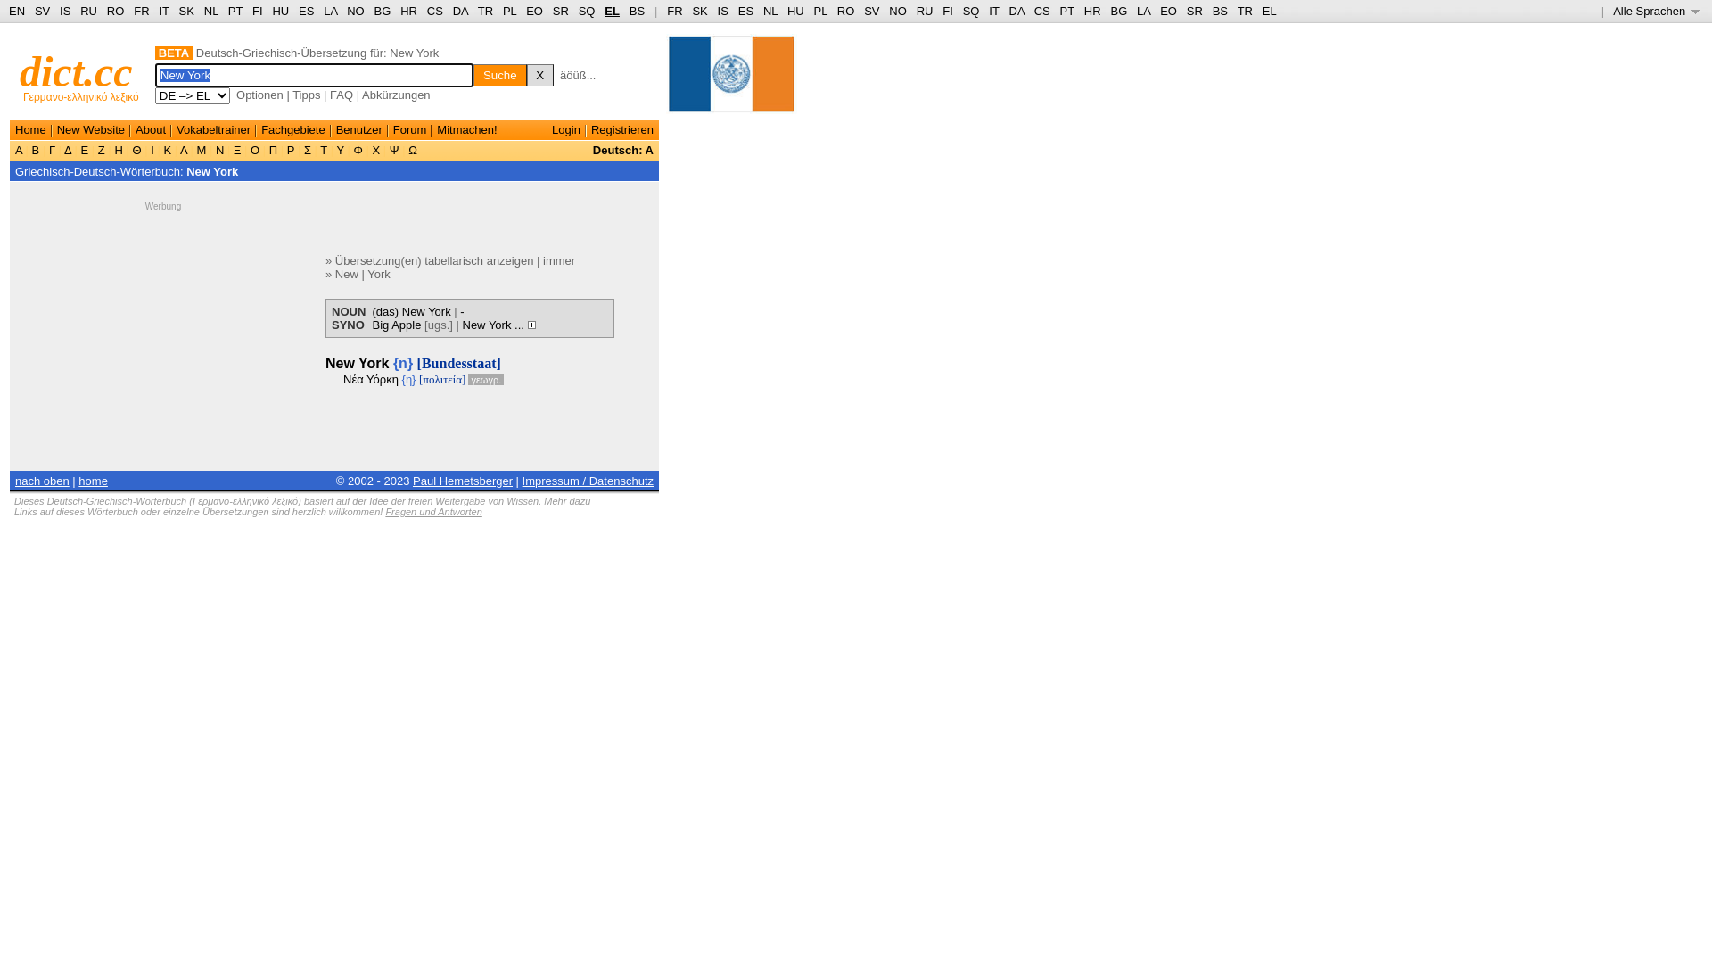 This screenshot has width=1712, height=963. Describe the element at coordinates (1655, 11) in the screenshot. I see `'Alle Sprachen '` at that location.